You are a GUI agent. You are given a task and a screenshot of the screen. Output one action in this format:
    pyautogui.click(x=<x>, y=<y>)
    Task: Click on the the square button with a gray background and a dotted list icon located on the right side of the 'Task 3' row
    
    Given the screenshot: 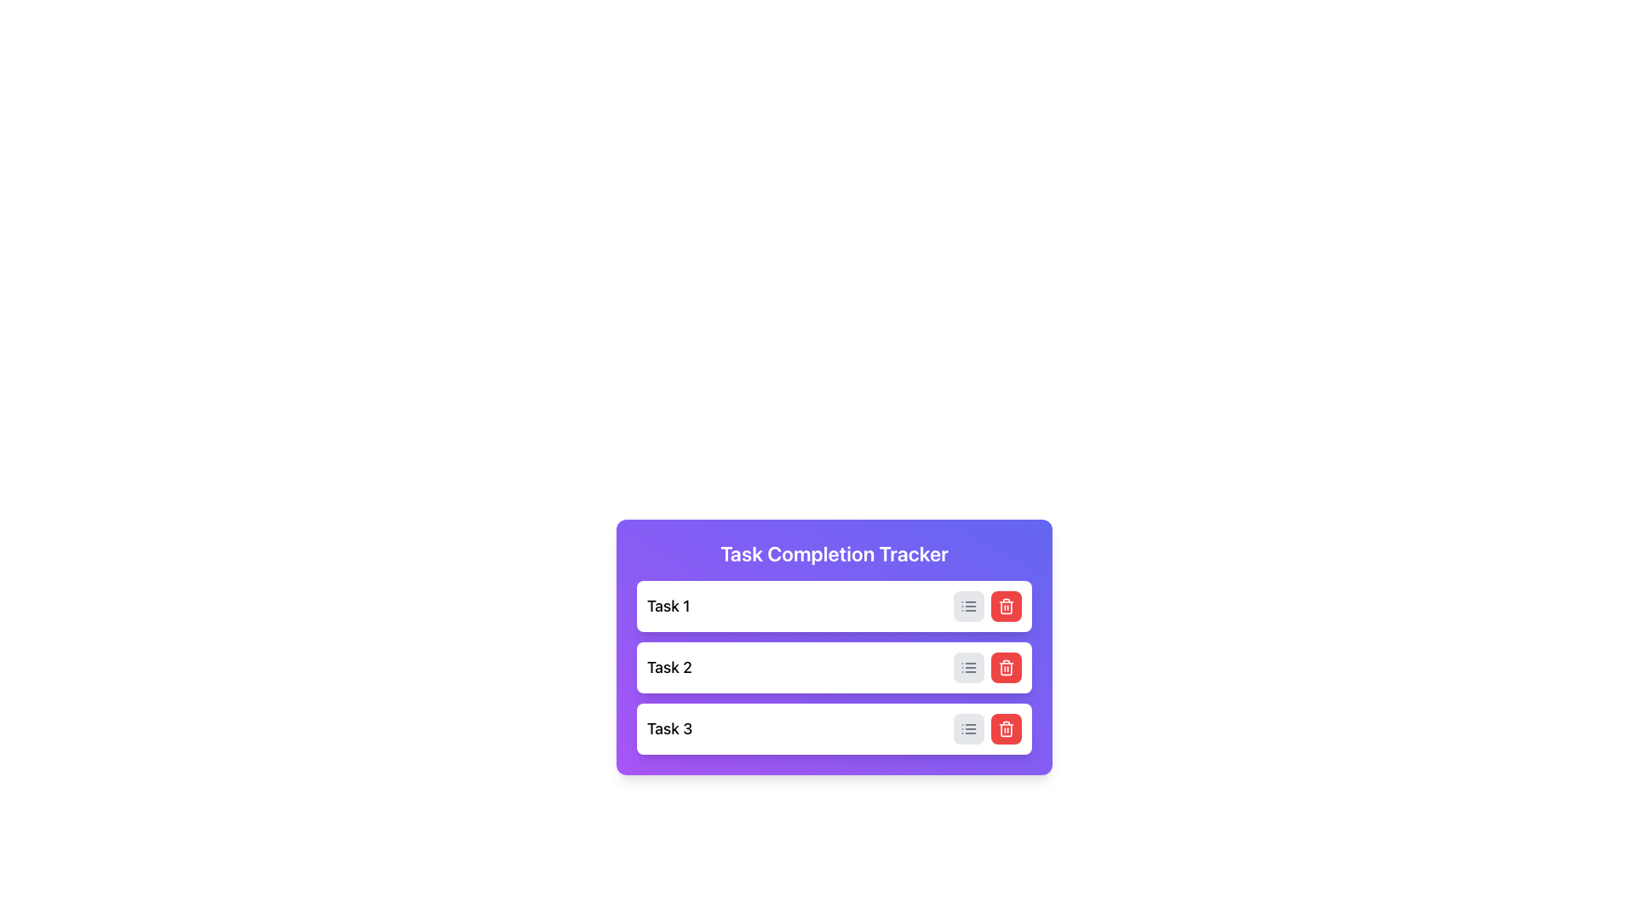 What is the action you would take?
    pyautogui.click(x=968, y=728)
    